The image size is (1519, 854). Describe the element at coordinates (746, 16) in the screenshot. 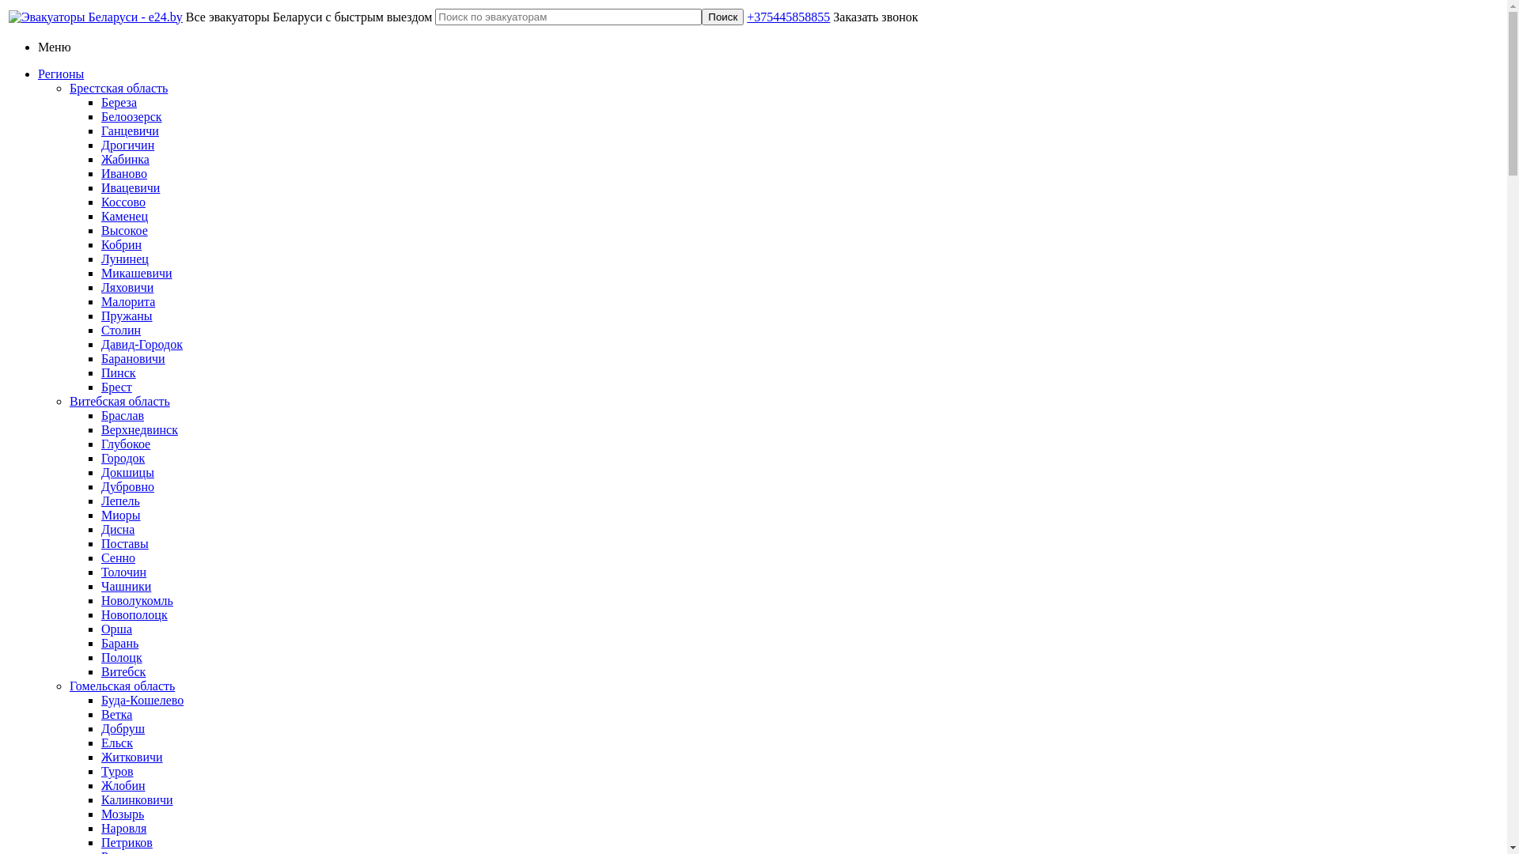

I see `'+375445858855'` at that location.